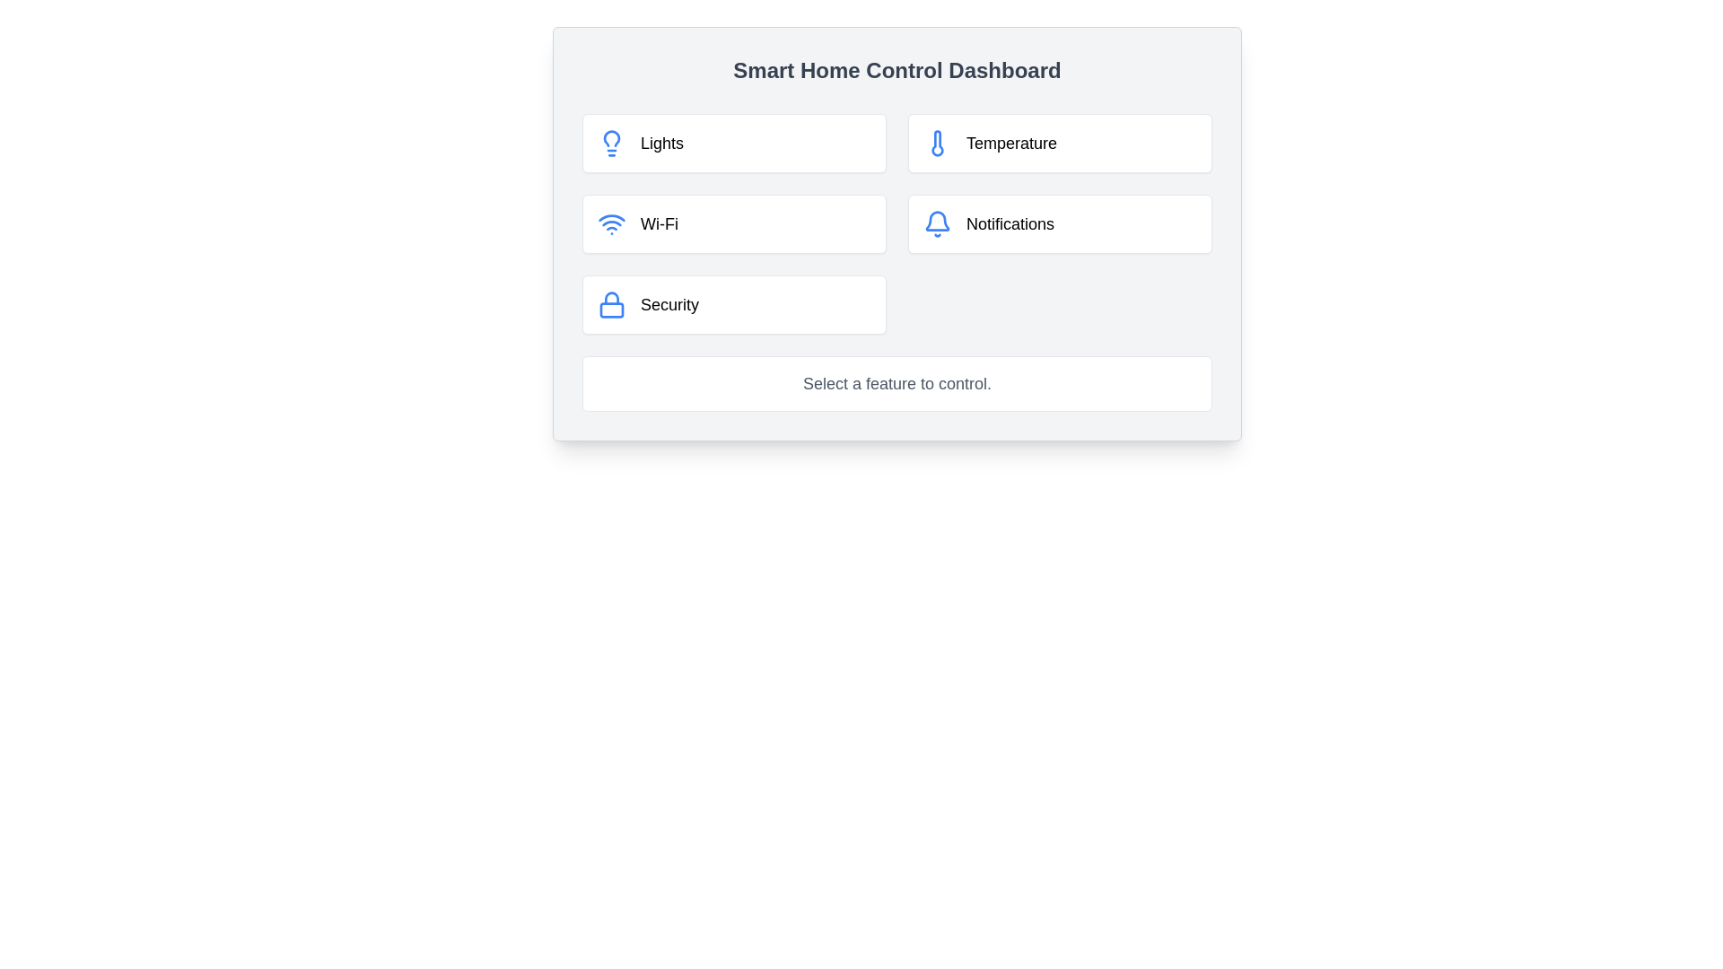  What do you see at coordinates (1011, 142) in the screenshot?
I see `the 'Temperature' text label, which is styled in a large, bold font and positioned on a bright white background in the top-right section of the dashboard` at bounding box center [1011, 142].